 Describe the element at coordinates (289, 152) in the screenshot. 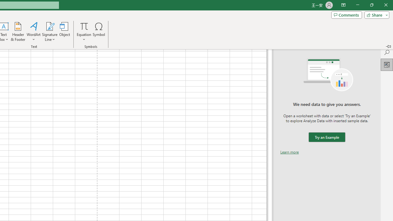

I see `'Learn more'` at that location.